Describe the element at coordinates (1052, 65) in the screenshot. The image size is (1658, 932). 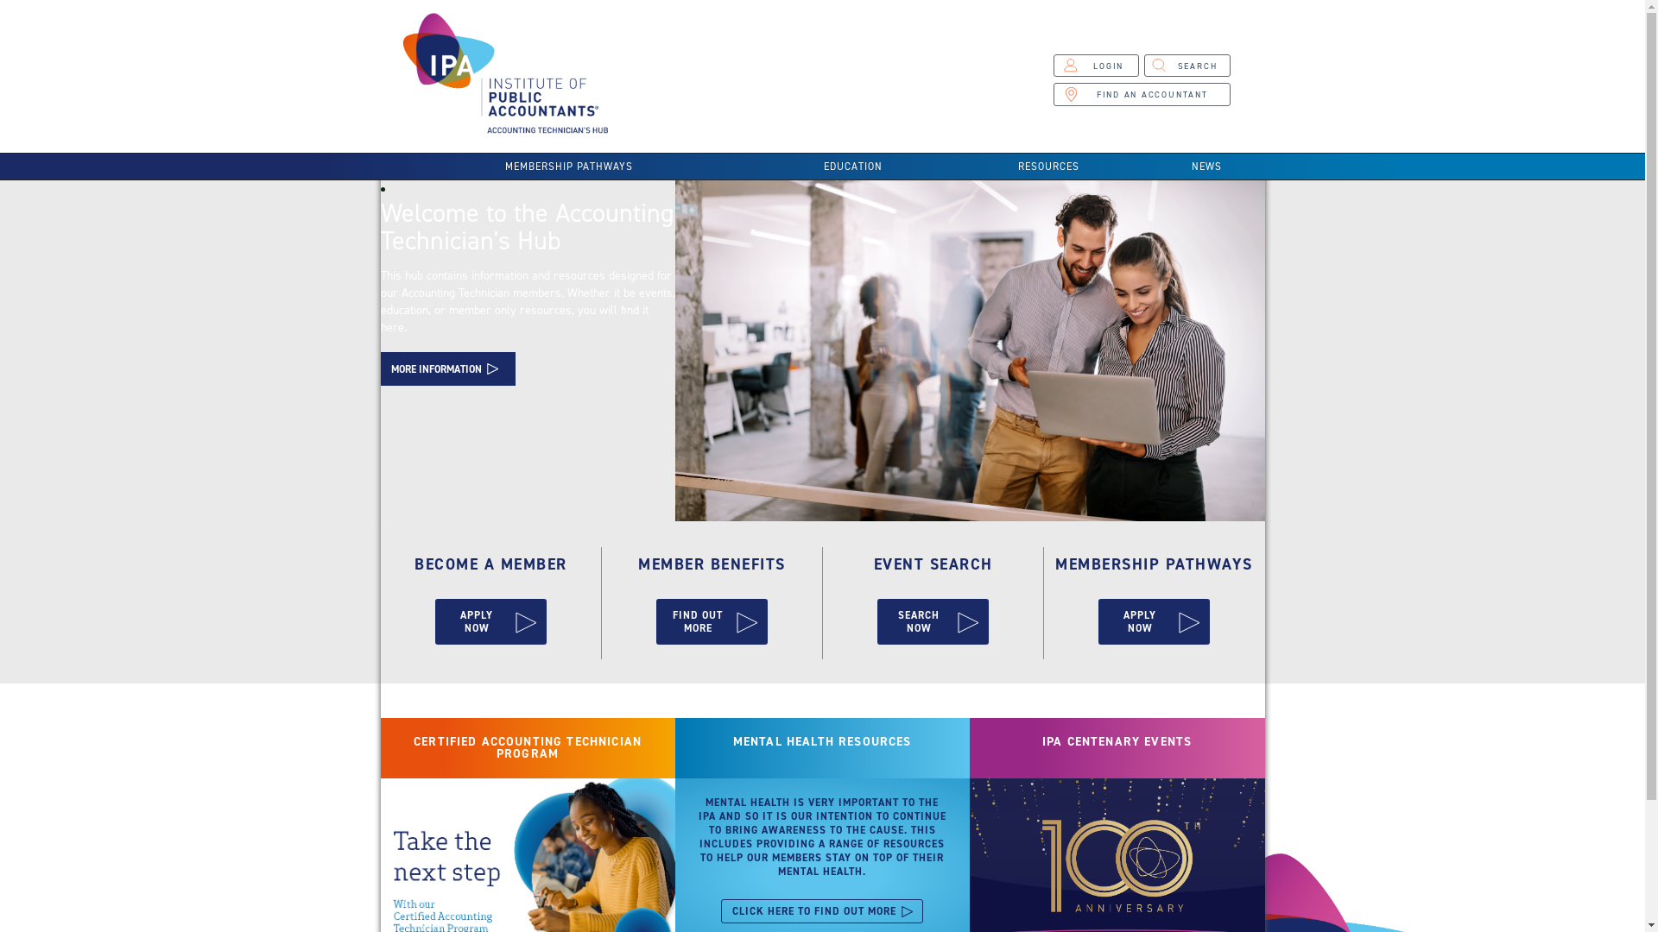
I see `'ICON : USER COPYCREATED WITH SKETCH.` at that location.